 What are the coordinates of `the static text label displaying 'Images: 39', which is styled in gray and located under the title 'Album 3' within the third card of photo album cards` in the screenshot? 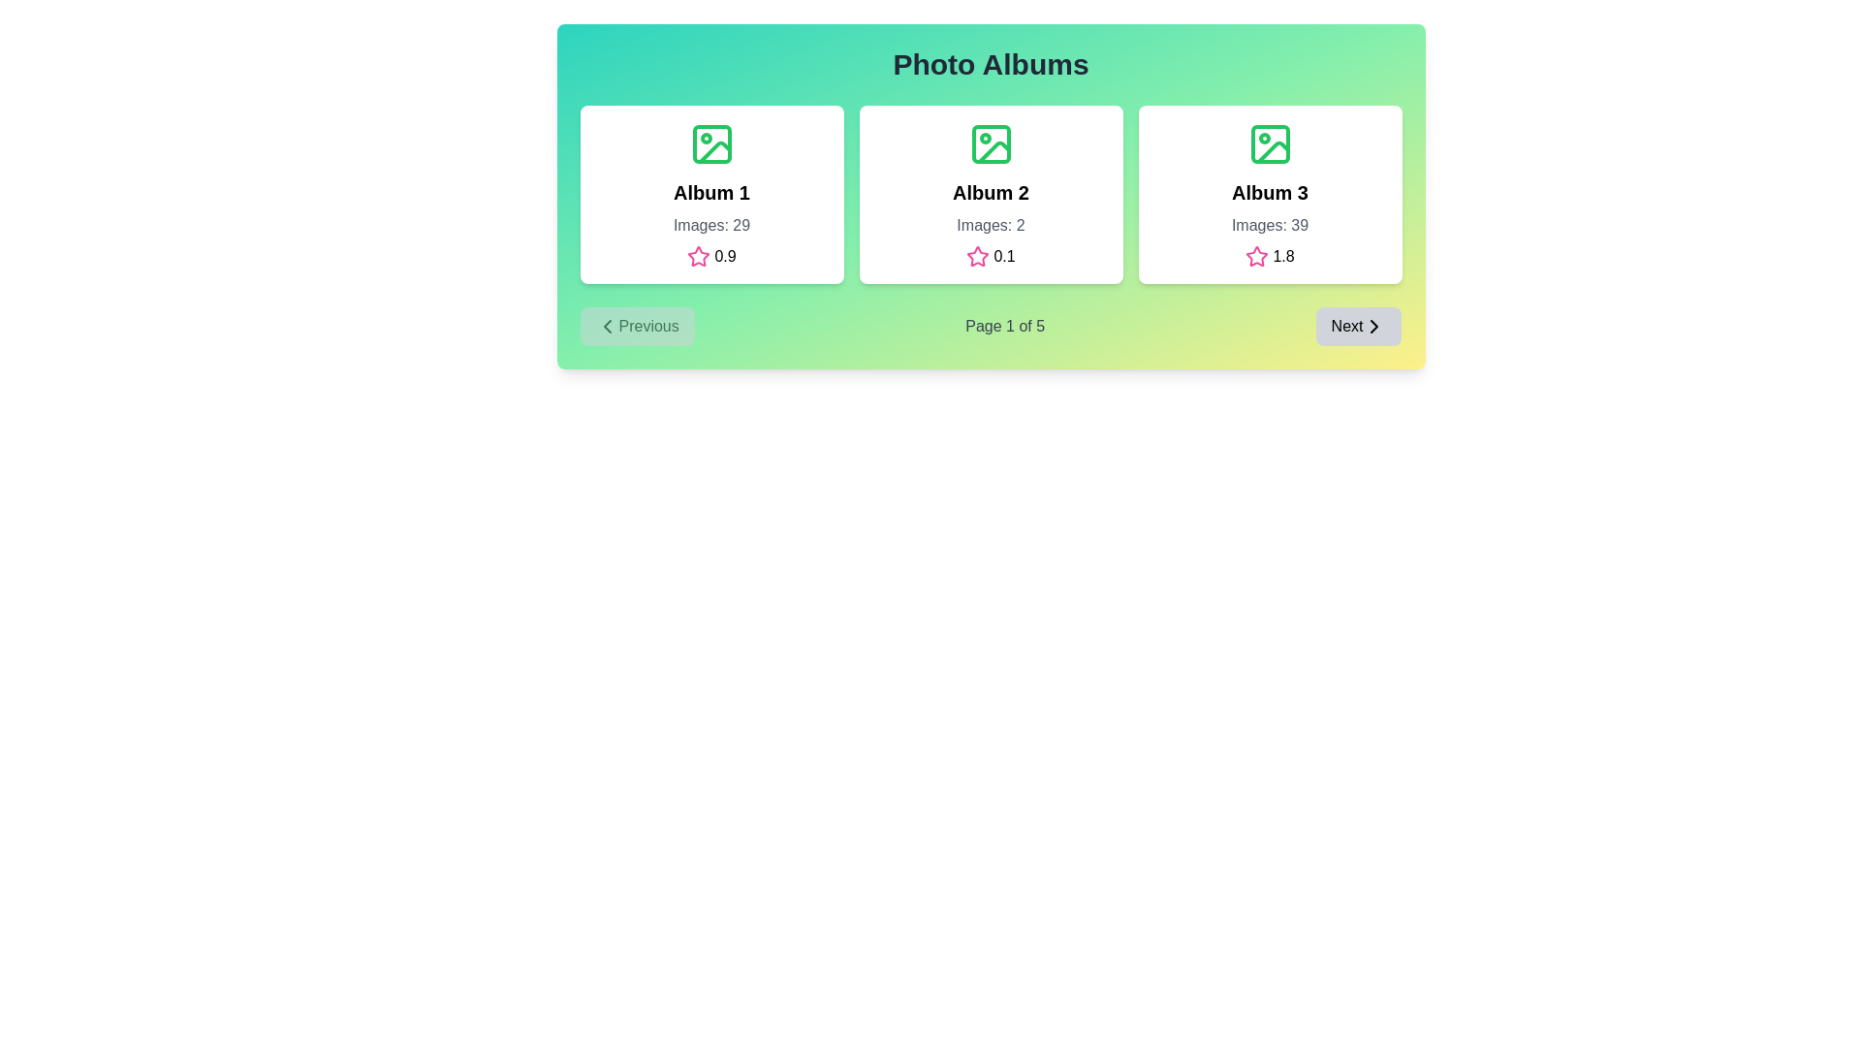 It's located at (1270, 224).